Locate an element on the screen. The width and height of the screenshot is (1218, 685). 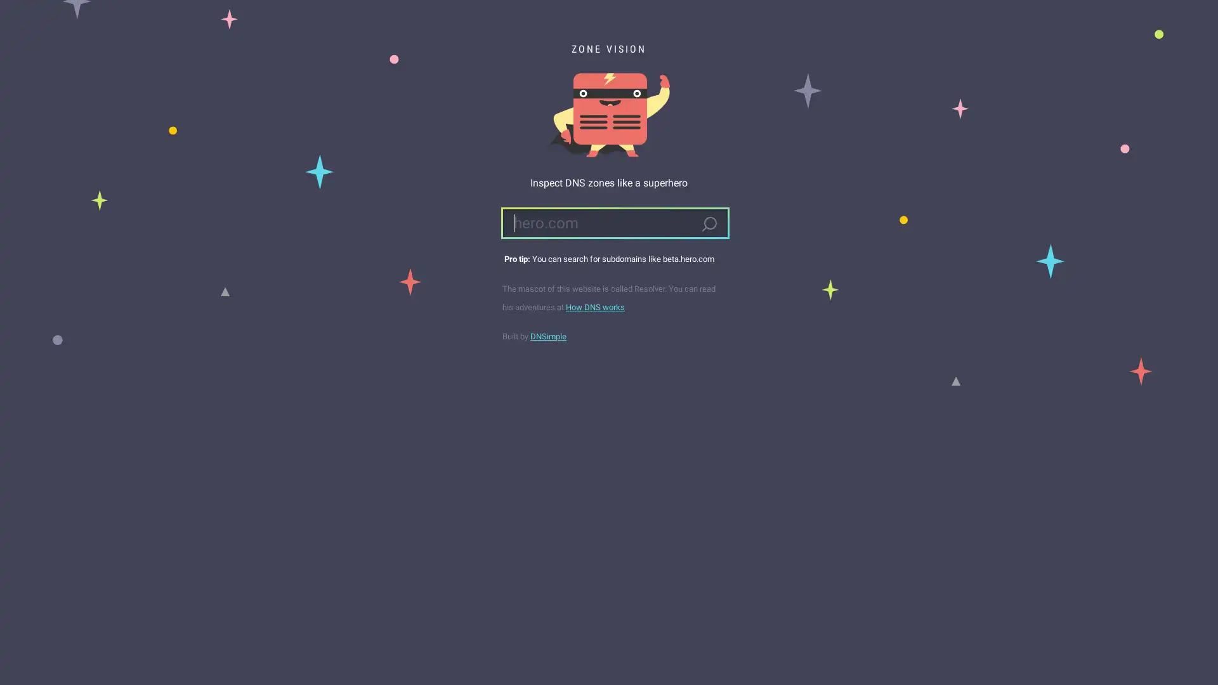
Submit is located at coordinates (708, 224).